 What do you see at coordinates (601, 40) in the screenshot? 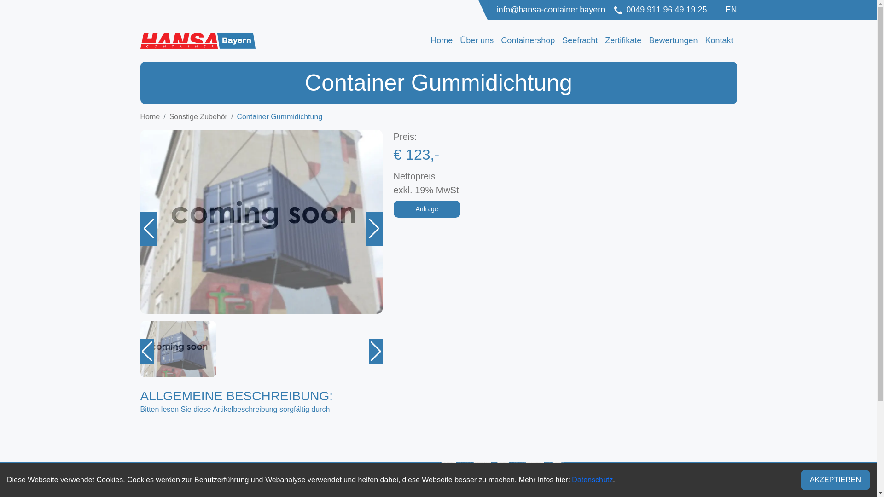
I see `'Zertifikate'` at bounding box center [601, 40].